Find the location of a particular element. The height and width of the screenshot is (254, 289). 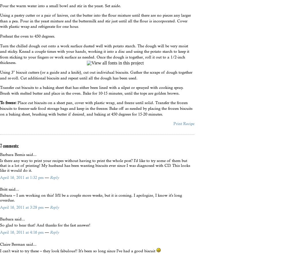

'Using a pastry cutter or a pair of knives, cut the butter into the flour mixture until there are no pieces any larger than a pea.  Pour in the yeast mixture and the buttermilk and stir just until all the flour is incorporated.  Cover with plastic wrap and refrigerate for one hour.' is located at coordinates (95, 20).